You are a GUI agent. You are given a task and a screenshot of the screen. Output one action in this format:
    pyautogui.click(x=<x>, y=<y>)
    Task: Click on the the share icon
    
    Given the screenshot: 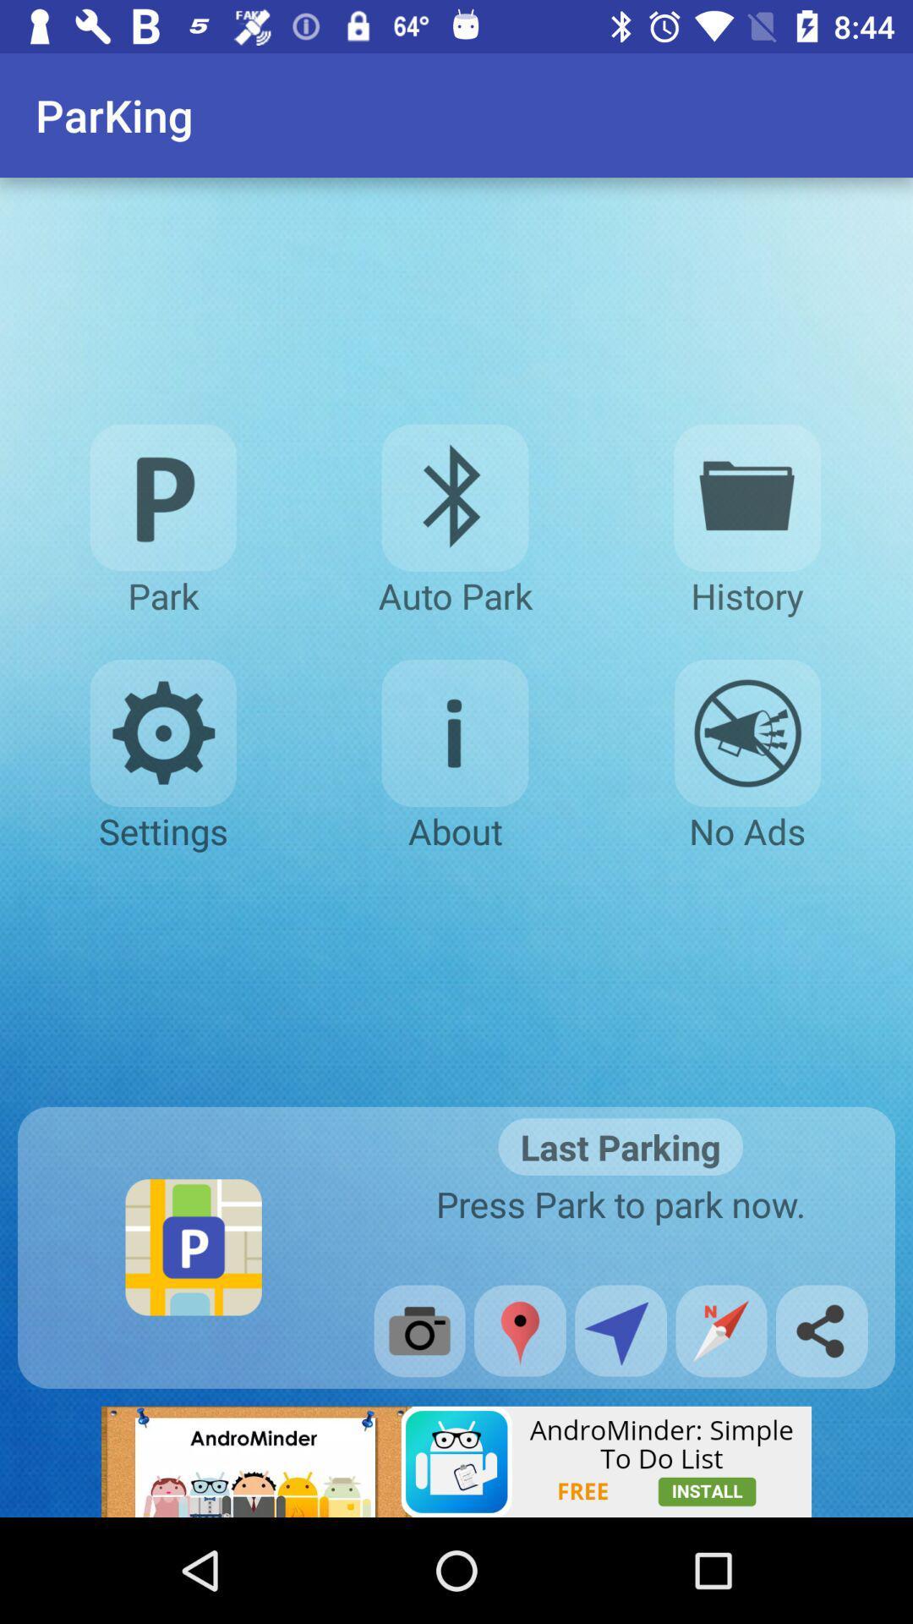 What is the action you would take?
    pyautogui.click(x=821, y=1330)
    